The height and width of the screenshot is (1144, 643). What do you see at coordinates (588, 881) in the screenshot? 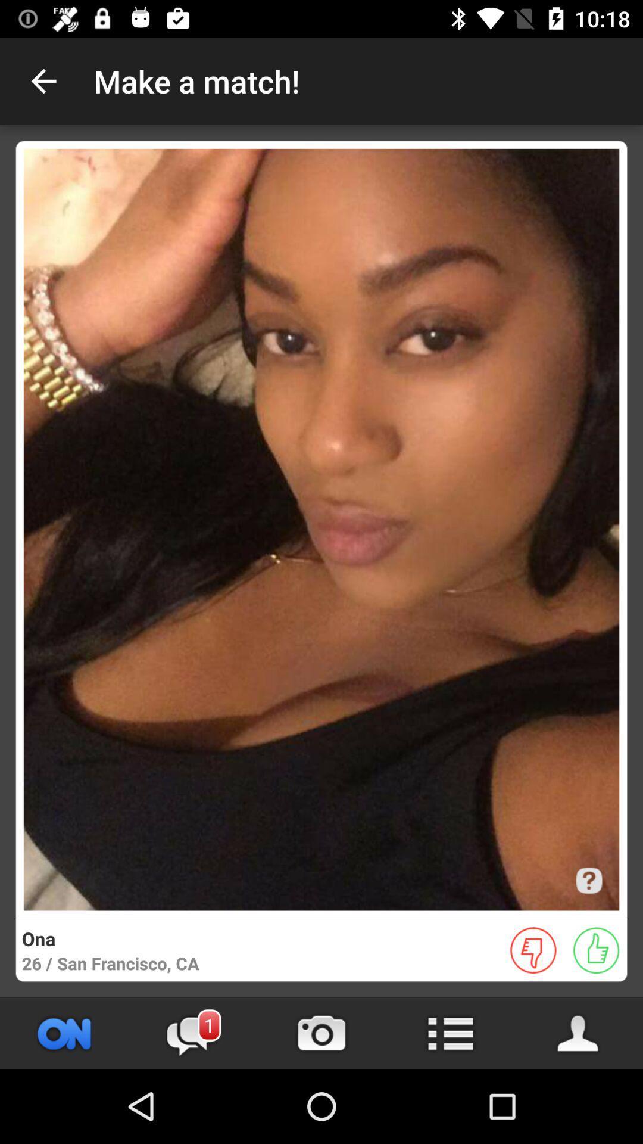
I see `the help icon` at bounding box center [588, 881].